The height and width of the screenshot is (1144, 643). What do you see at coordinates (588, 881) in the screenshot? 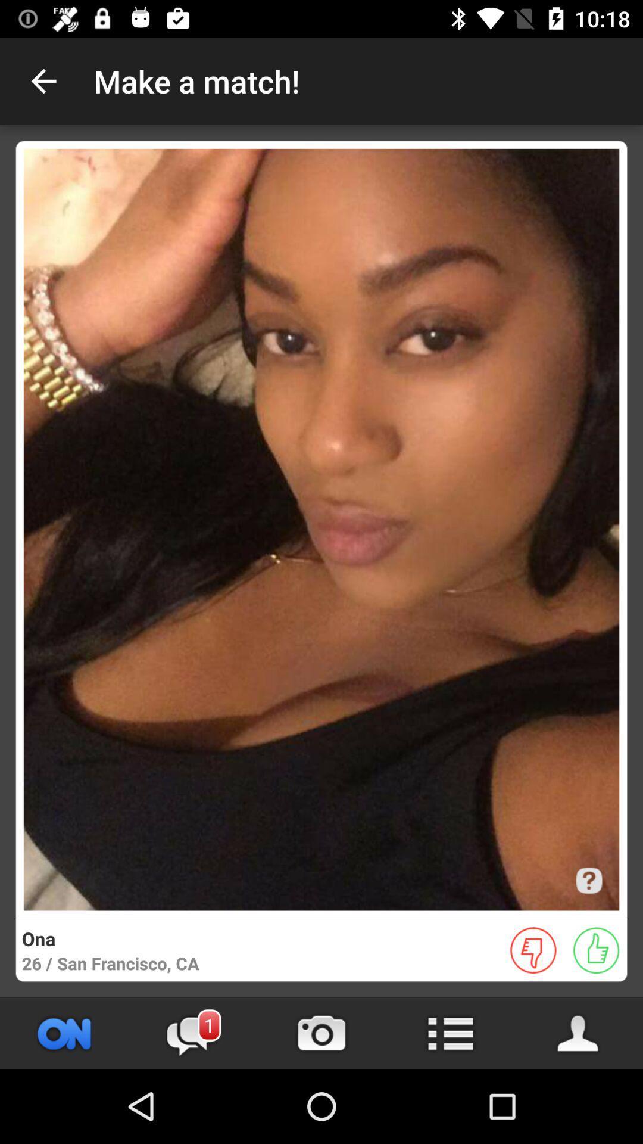
I see `the help icon` at bounding box center [588, 881].